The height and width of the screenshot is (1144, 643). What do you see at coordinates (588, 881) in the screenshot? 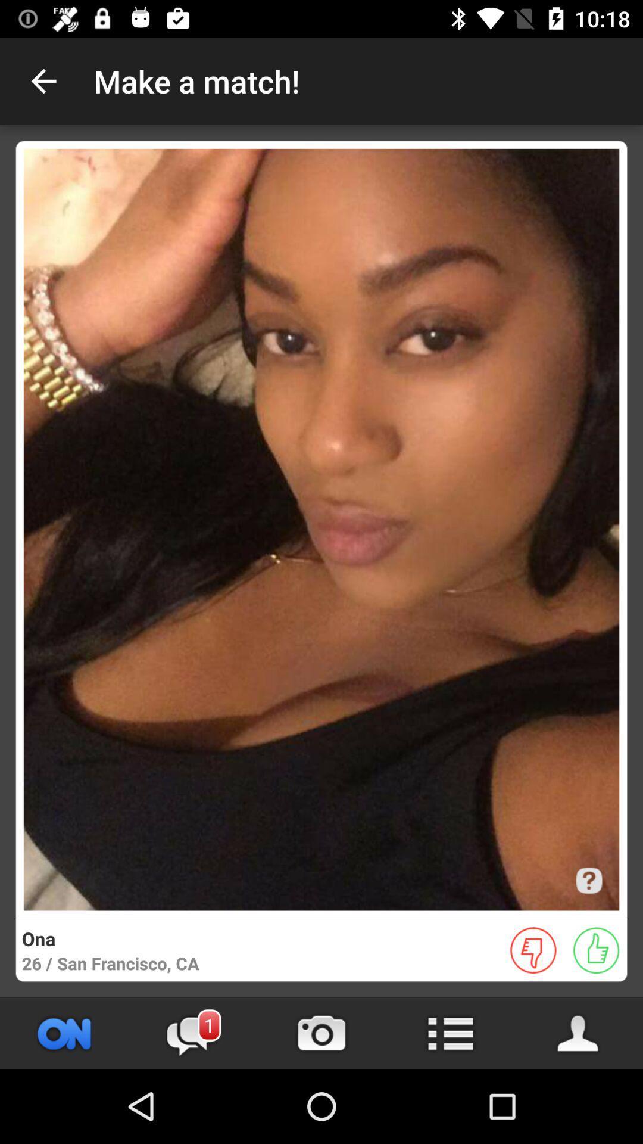
I see `the help icon` at bounding box center [588, 881].